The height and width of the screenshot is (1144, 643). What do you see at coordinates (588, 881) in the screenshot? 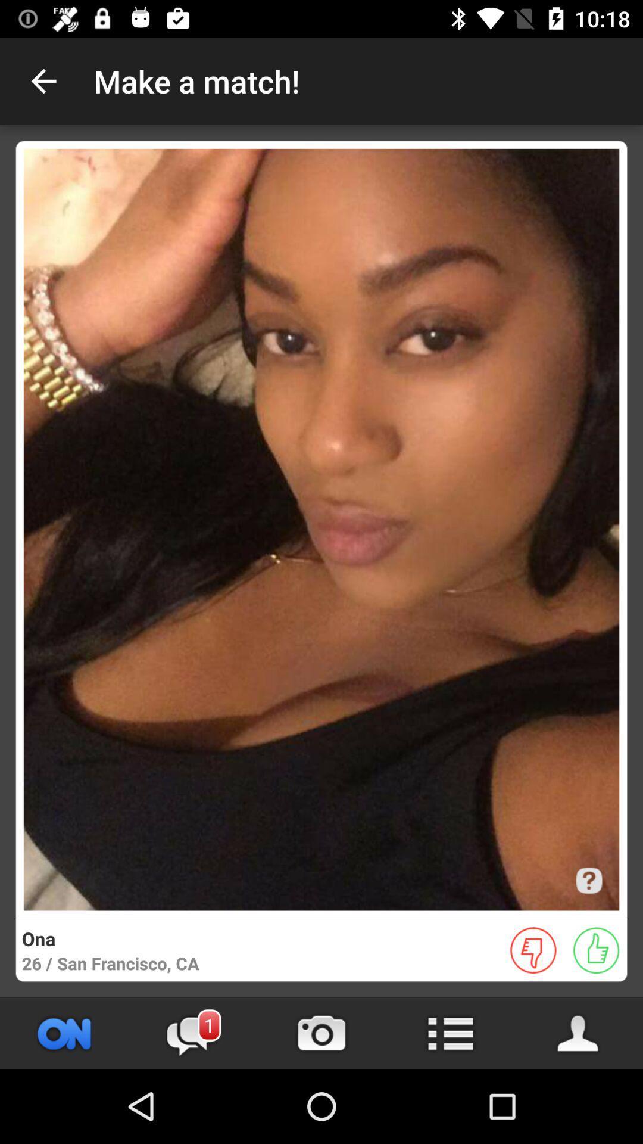
I see `the help icon` at bounding box center [588, 881].